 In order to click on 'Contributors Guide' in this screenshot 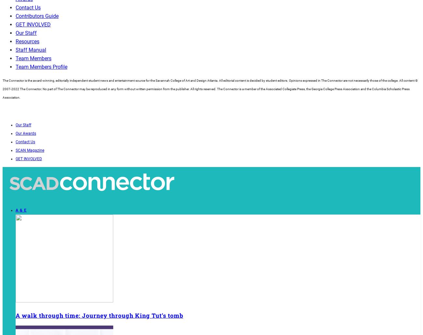, I will do `click(37, 16)`.